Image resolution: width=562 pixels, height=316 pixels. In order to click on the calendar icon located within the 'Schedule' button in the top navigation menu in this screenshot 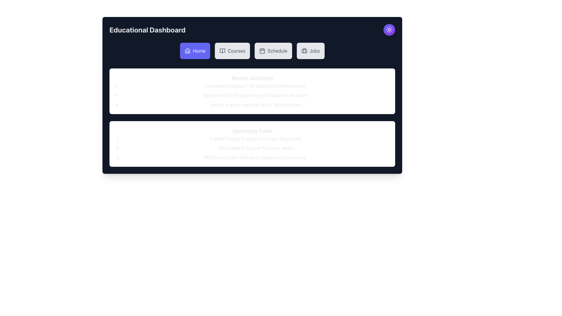, I will do `click(262, 50)`.